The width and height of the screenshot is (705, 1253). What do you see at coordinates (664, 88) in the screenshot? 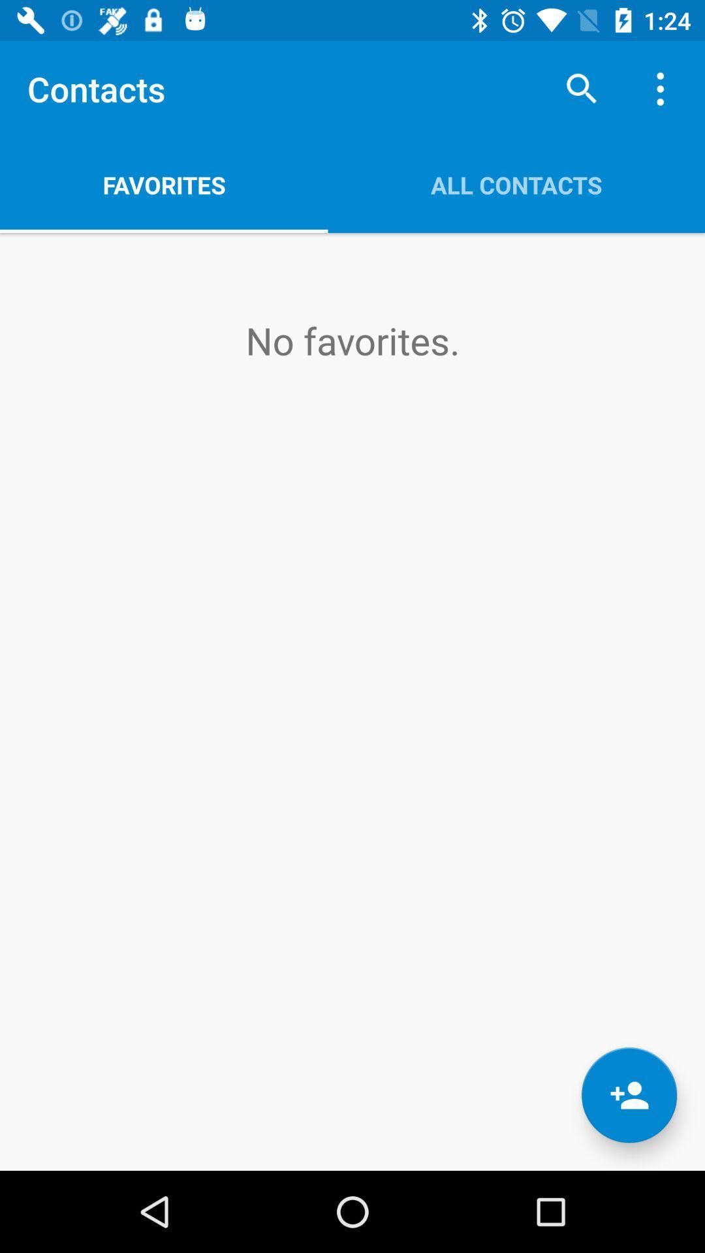
I see `app above all contacts item` at bounding box center [664, 88].